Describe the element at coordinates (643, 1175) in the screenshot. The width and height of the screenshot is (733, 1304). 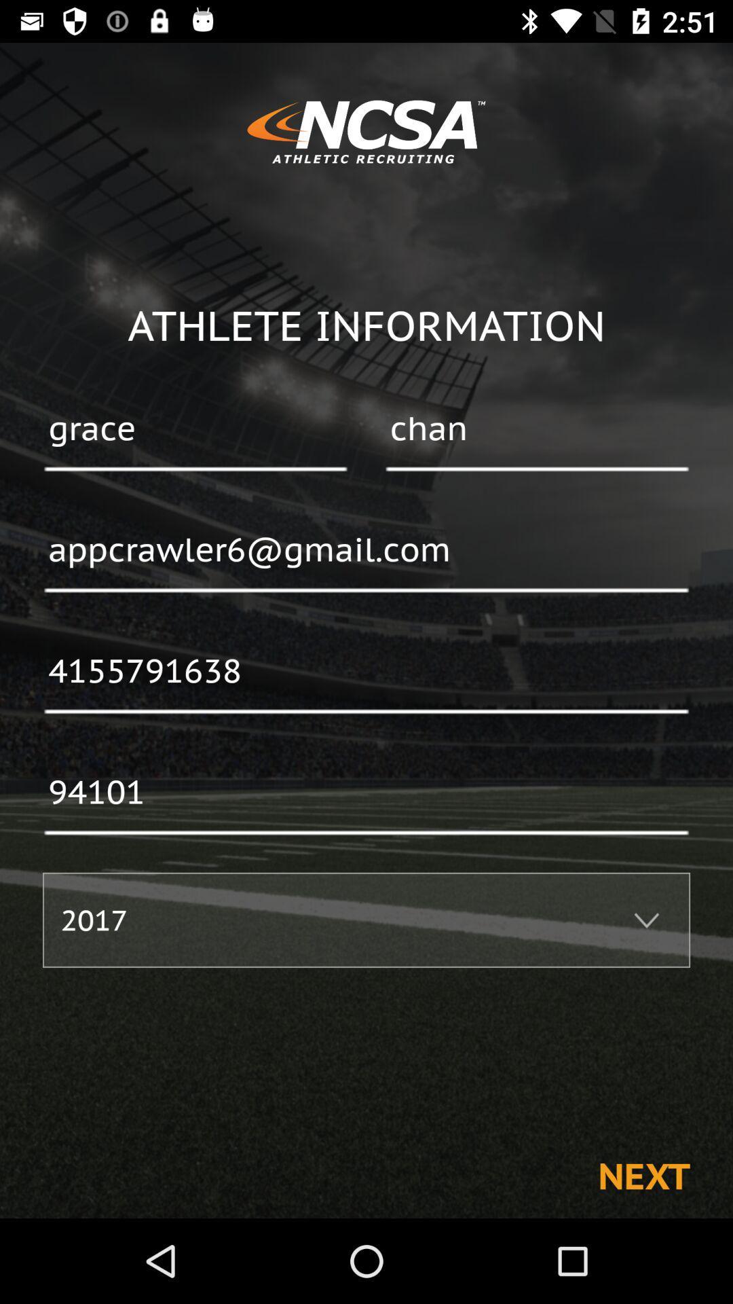
I see `the item below 2017 item` at that location.